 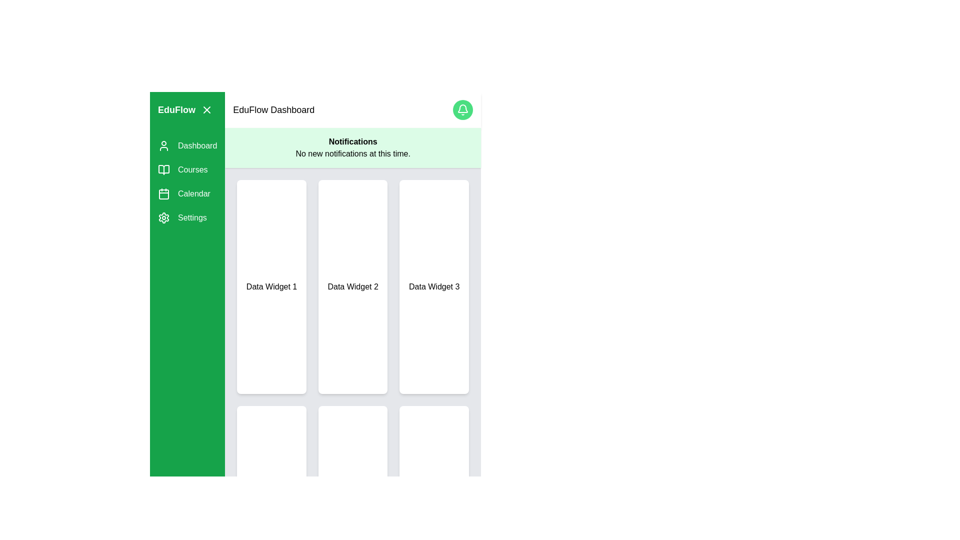 I want to click on the 'Settings' label located in the green sidebar, which is the fourth item in the vertical list of menu options, so click(x=192, y=217).